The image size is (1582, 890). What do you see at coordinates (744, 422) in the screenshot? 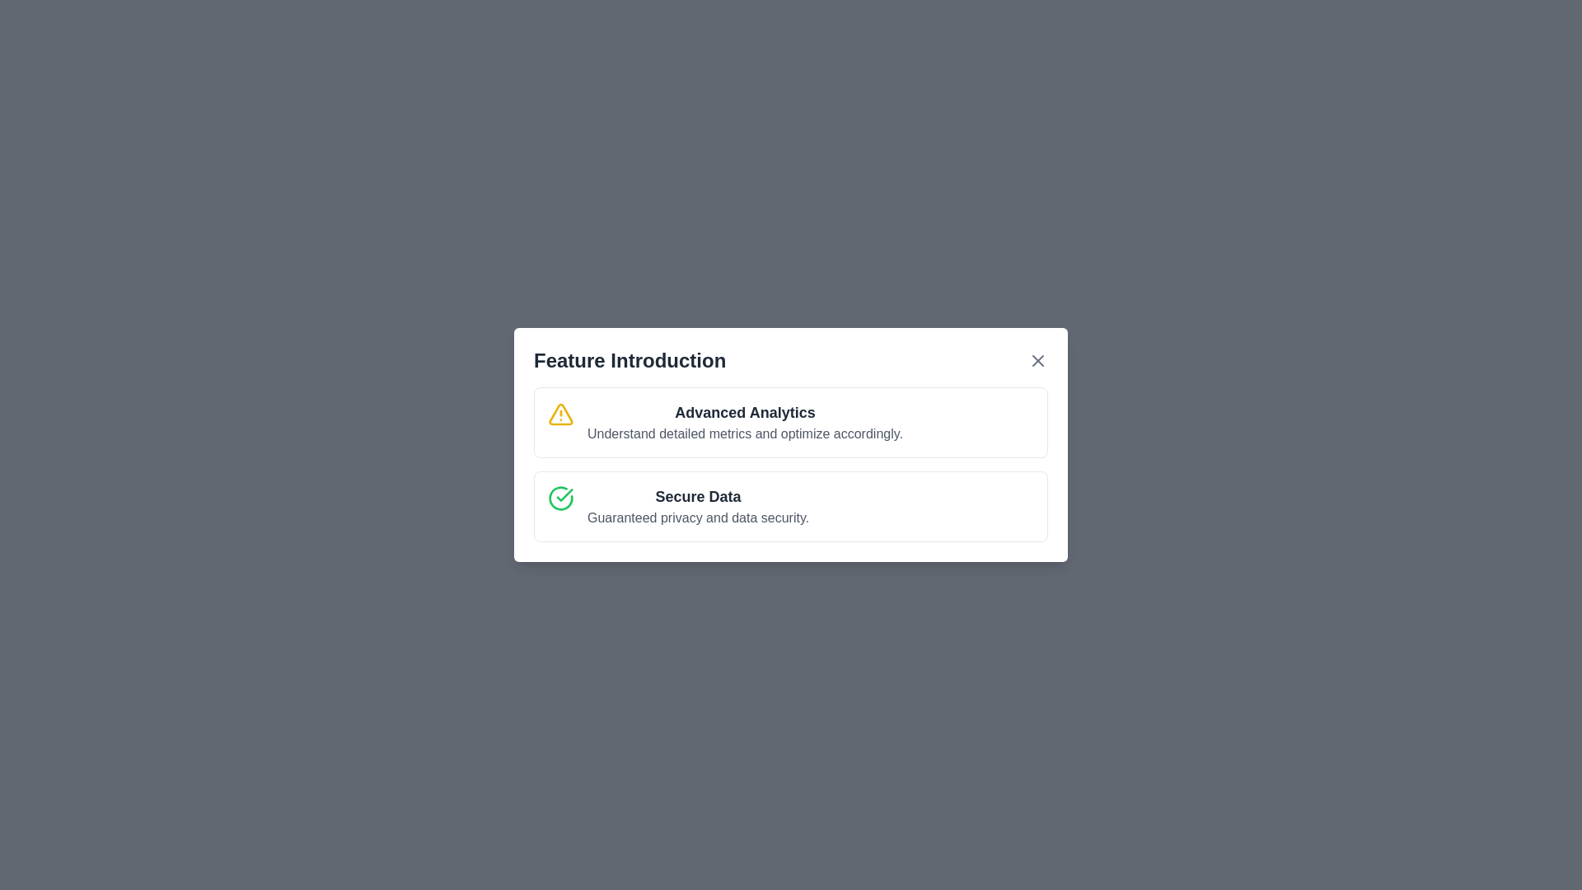
I see `the 'Advanced Analytics' text block, which includes a bold title and a subtitle in a rectangular section within the 'Feature Introduction' dialog box` at bounding box center [744, 422].